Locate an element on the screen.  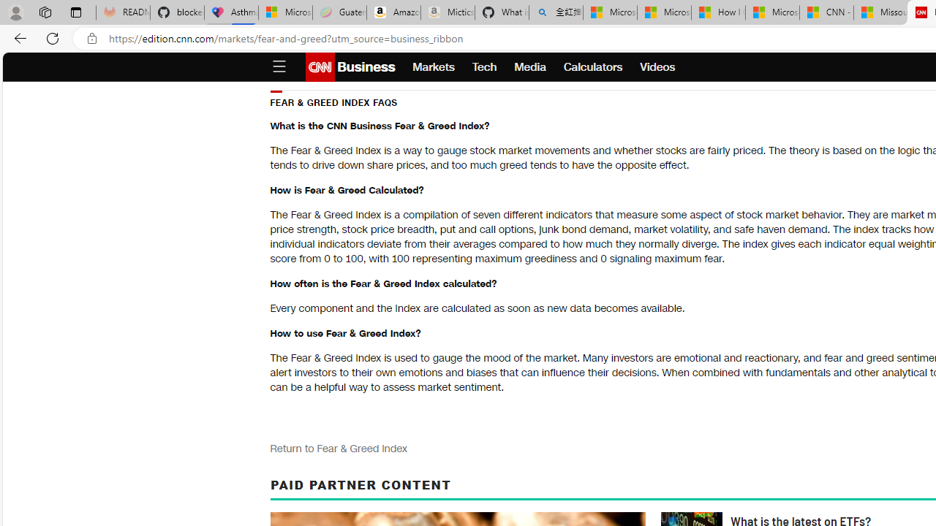
'Asthma Inhalers: Names and Types' is located at coordinates (230, 12).